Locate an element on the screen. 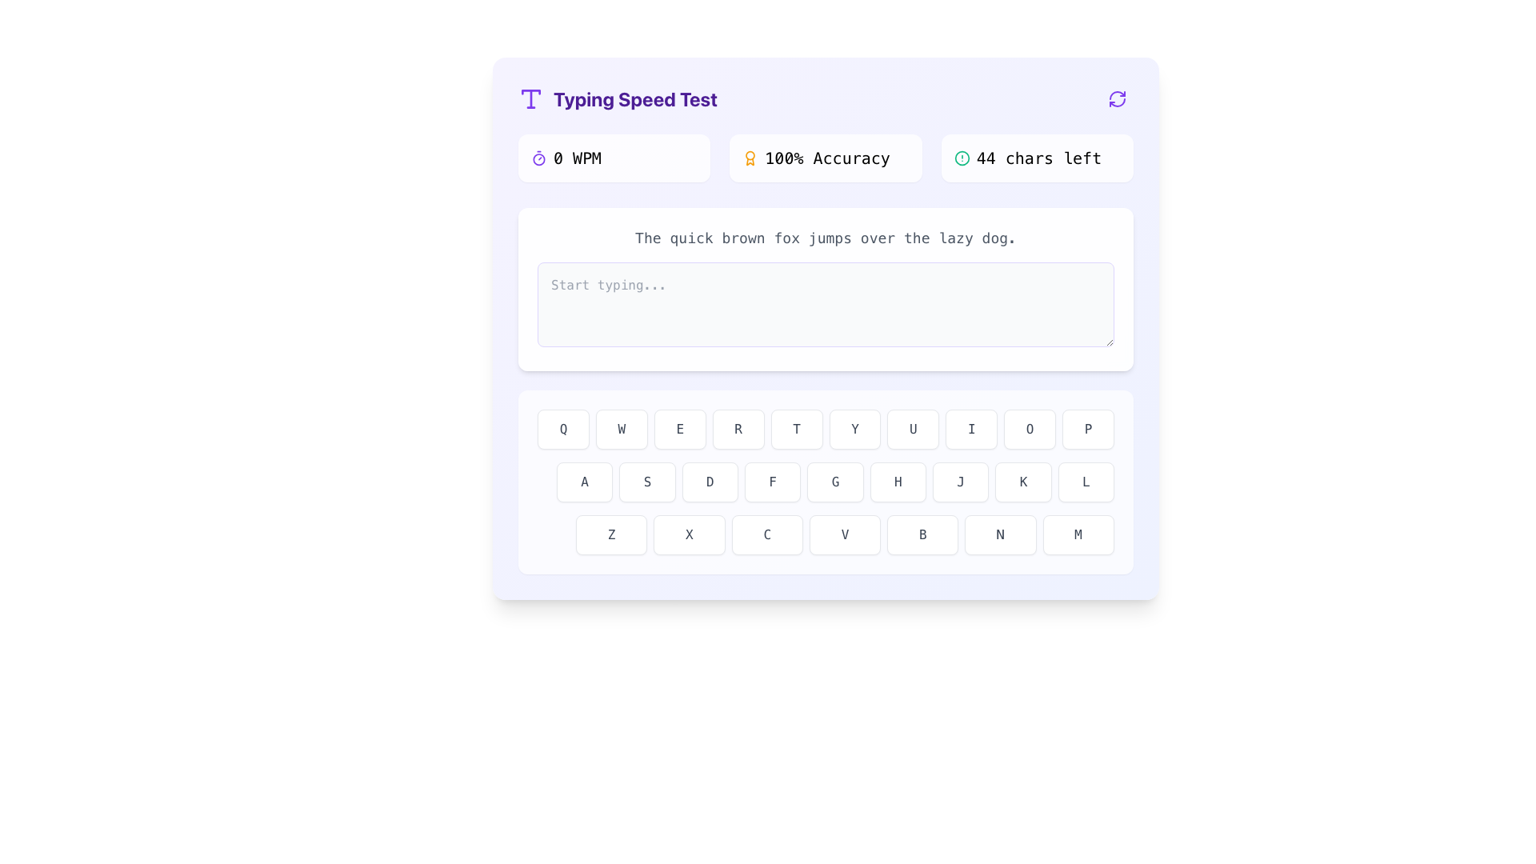  the decorative icon located to the left of the 'Typing Speed Test' header is located at coordinates (530, 98).